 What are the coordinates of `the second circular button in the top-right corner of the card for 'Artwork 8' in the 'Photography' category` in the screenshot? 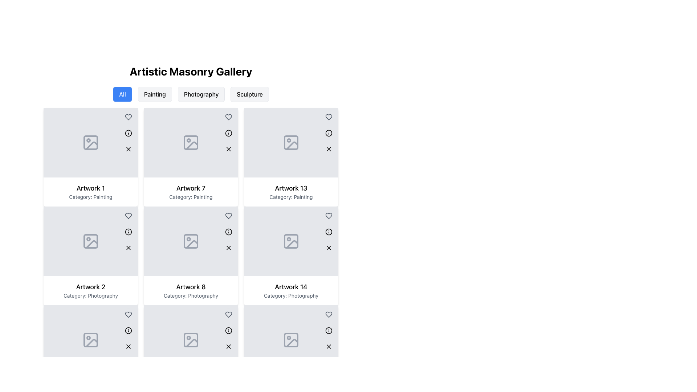 It's located at (228, 330).